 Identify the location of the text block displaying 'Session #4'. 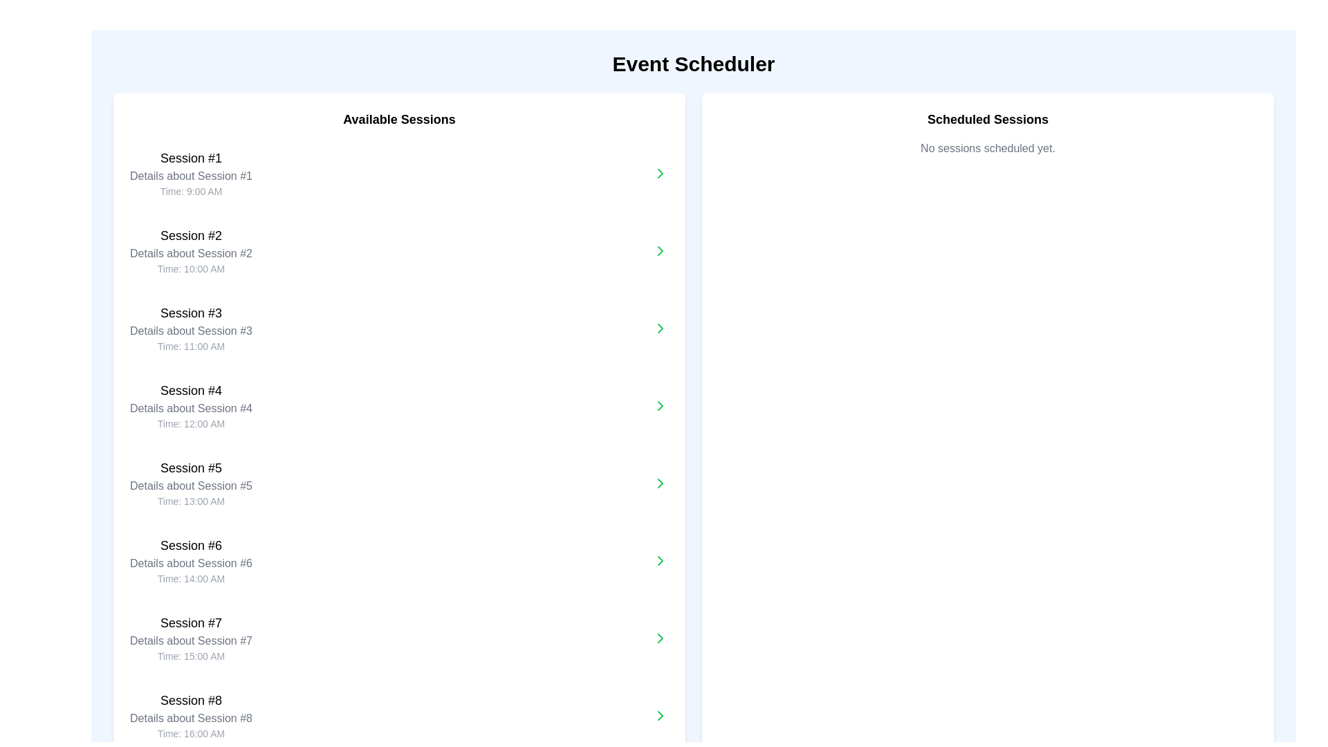
(190, 405).